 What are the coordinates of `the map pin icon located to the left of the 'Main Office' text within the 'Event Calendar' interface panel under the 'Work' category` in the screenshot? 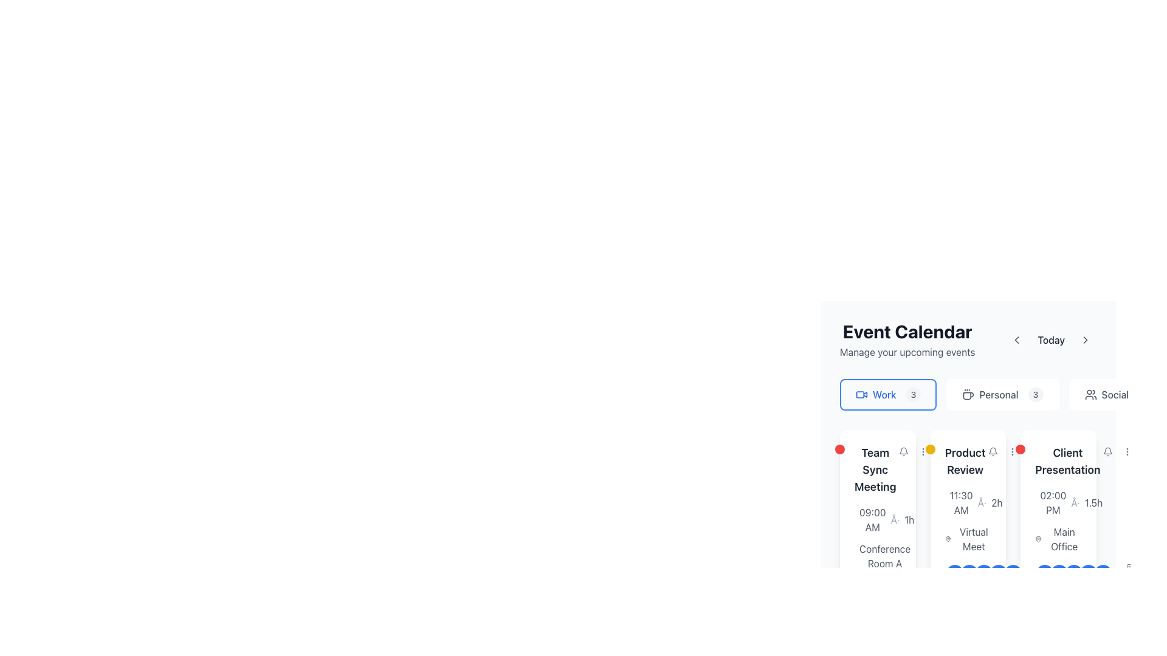 It's located at (1038, 538).